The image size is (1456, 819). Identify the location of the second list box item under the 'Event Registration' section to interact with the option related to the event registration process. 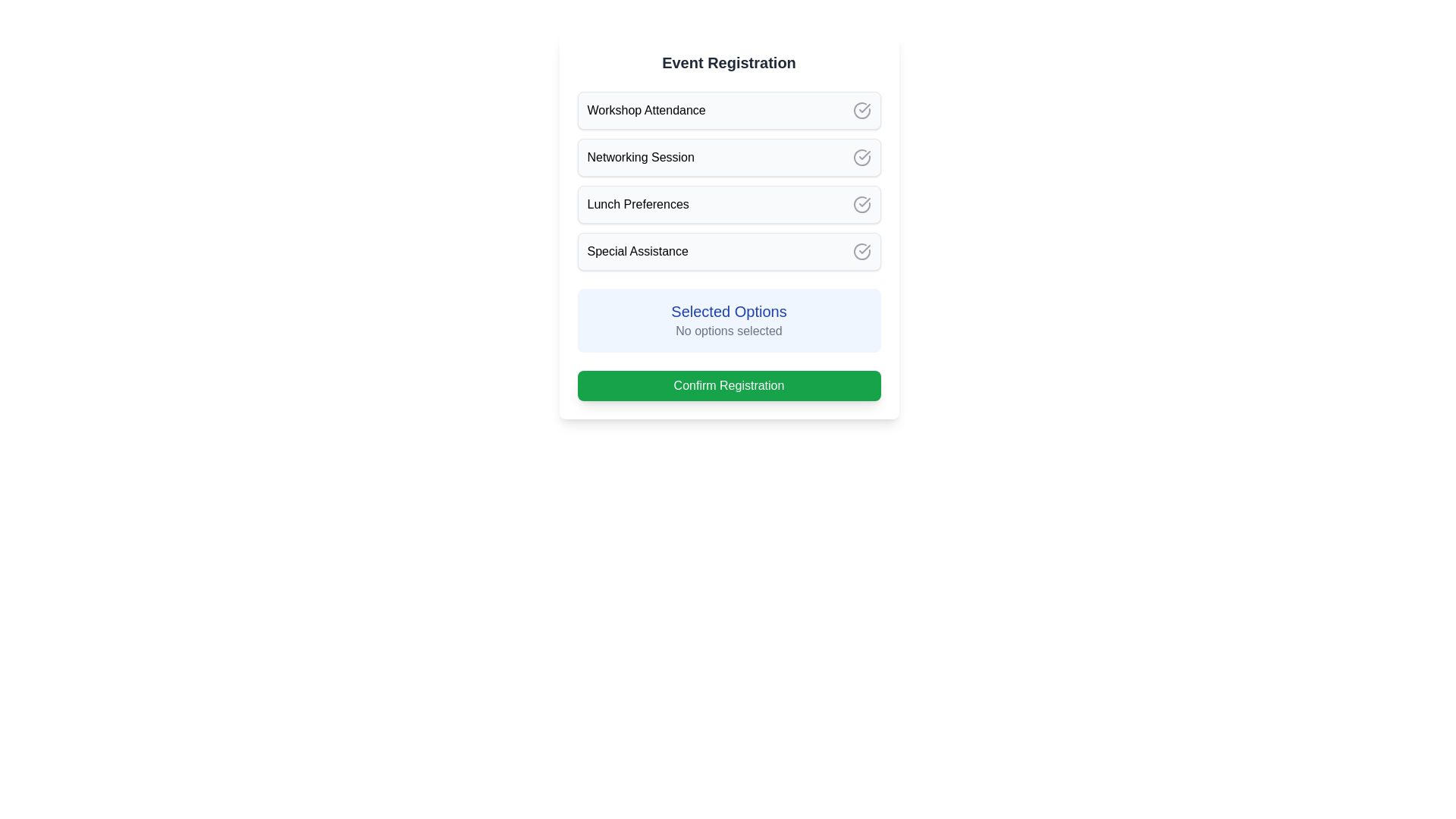
(729, 158).